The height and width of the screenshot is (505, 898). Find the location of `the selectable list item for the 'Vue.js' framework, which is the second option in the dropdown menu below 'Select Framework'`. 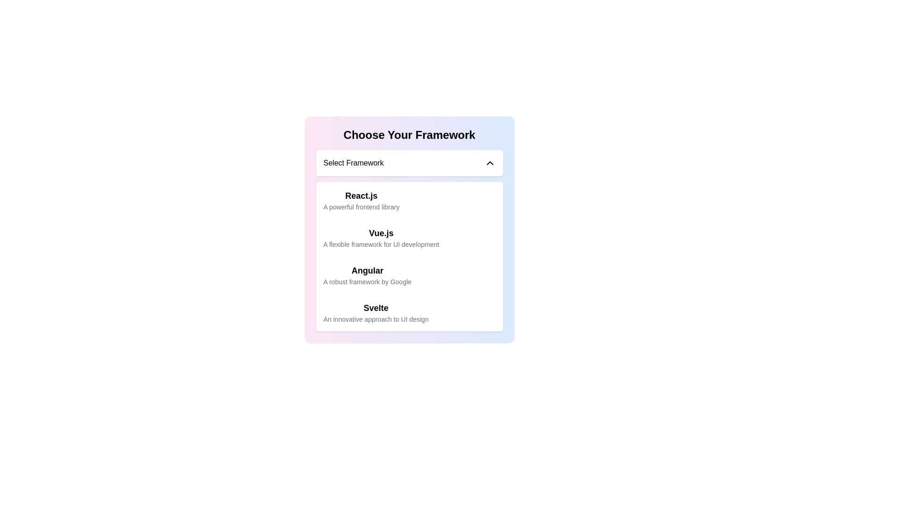

the selectable list item for the 'Vue.js' framework, which is the second option in the dropdown menu below 'Select Framework' is located at coordinates (409, 229).